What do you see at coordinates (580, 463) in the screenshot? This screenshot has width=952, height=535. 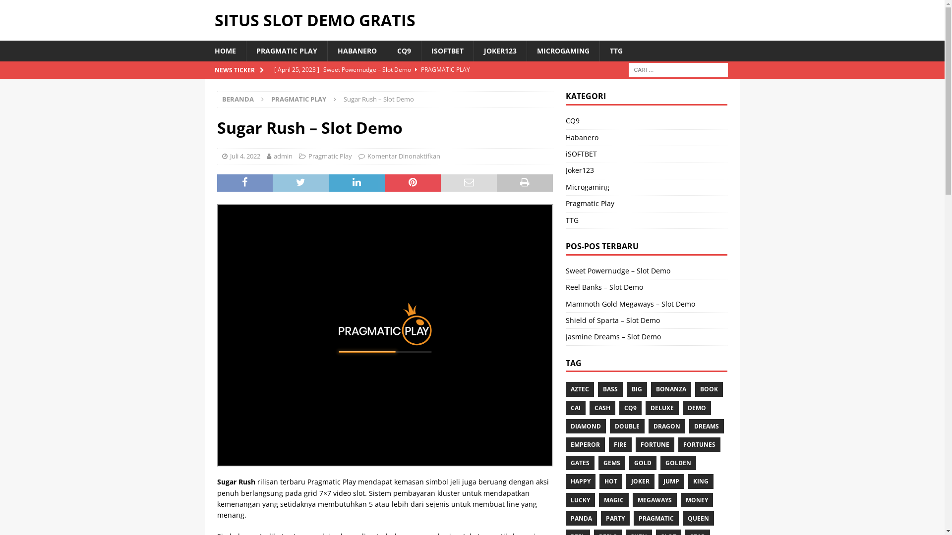 I see `'GATES'` at bounding box center [580, 463].